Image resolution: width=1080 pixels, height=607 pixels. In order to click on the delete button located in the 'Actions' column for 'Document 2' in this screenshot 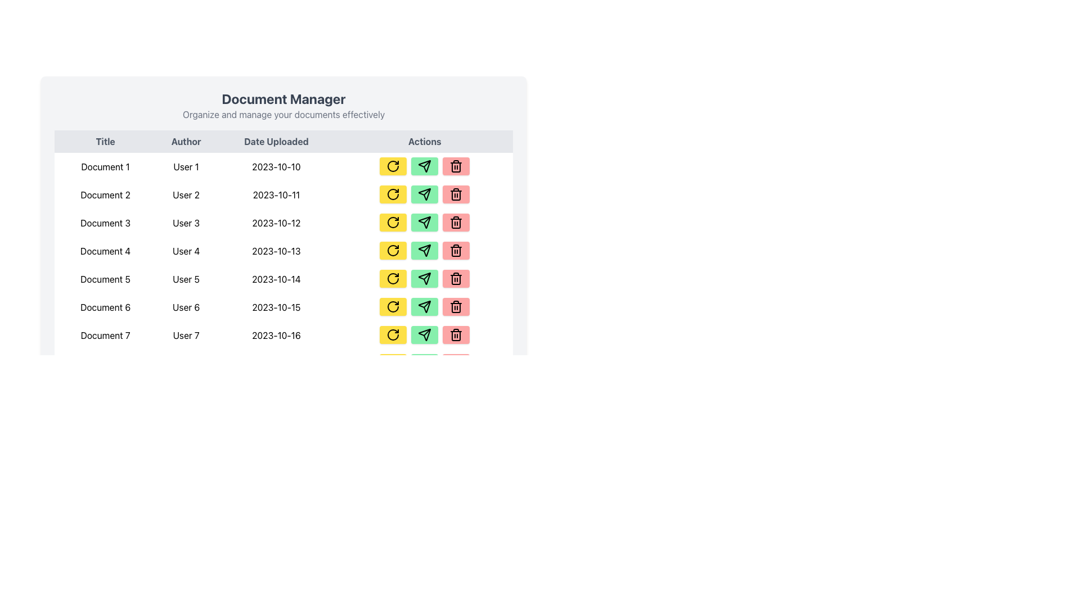, I will do `click(456, 194)`.